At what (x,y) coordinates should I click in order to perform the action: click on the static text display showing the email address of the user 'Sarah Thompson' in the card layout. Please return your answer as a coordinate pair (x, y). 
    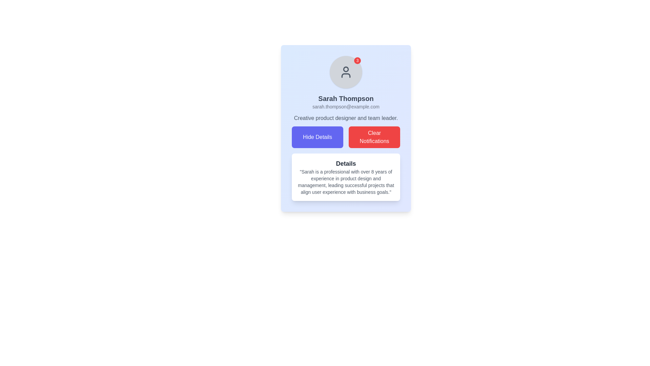
    Looking at the image, I should click on (346, 107).